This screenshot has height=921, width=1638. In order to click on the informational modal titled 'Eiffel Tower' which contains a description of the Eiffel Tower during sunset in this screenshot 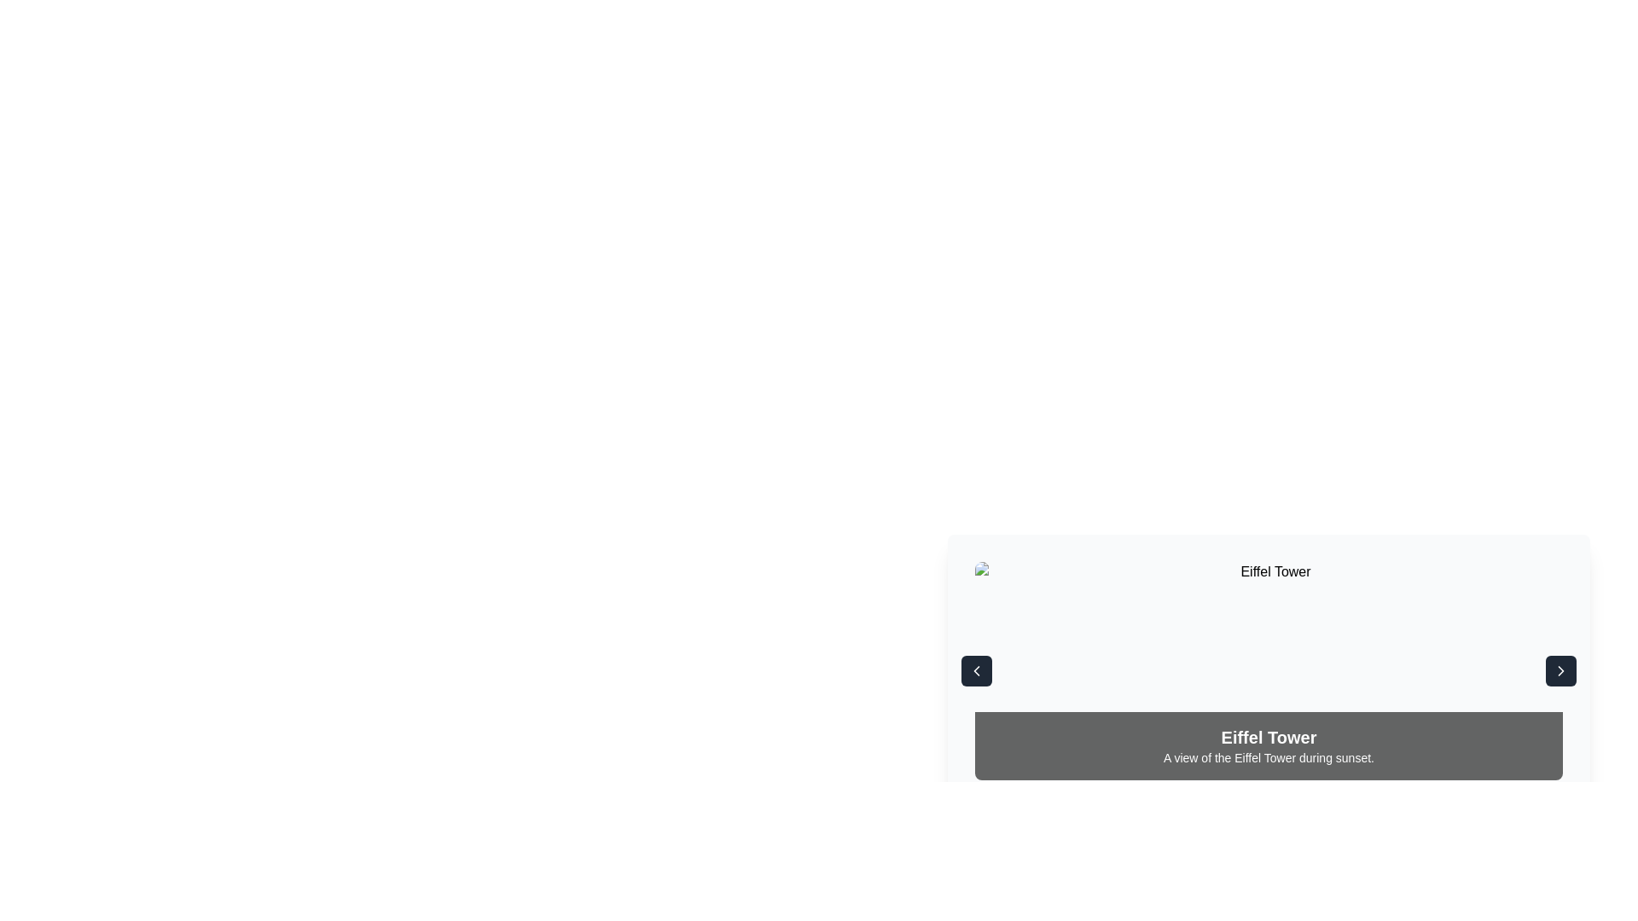, I will do `click(1269, 647)`.